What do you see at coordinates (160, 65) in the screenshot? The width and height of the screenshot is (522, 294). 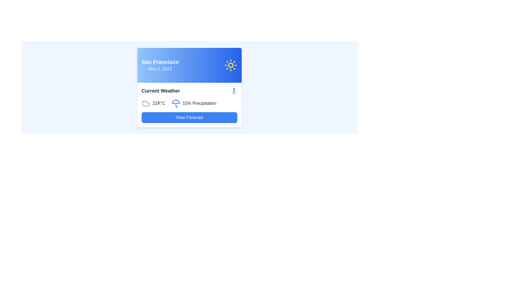 I see `the text display showing 'San Francisco' with the date 'Nov 2, 2023' on a gradient blue background` at bounding box center [160, 65].